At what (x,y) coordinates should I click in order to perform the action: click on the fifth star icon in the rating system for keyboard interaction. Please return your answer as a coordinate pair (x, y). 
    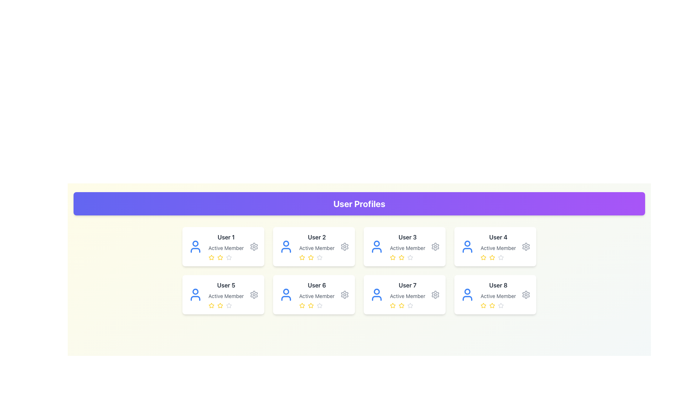
    Looking at the image, I should click on (410, 257).